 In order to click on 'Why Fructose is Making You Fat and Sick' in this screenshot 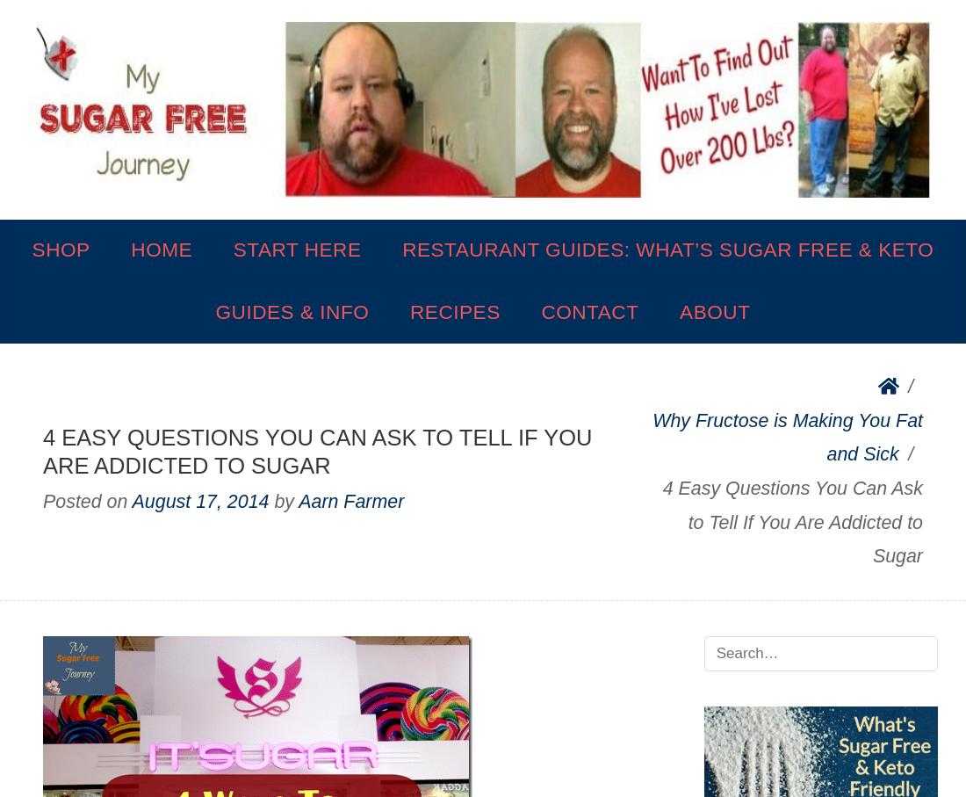, I will do `click(788, 436)`.